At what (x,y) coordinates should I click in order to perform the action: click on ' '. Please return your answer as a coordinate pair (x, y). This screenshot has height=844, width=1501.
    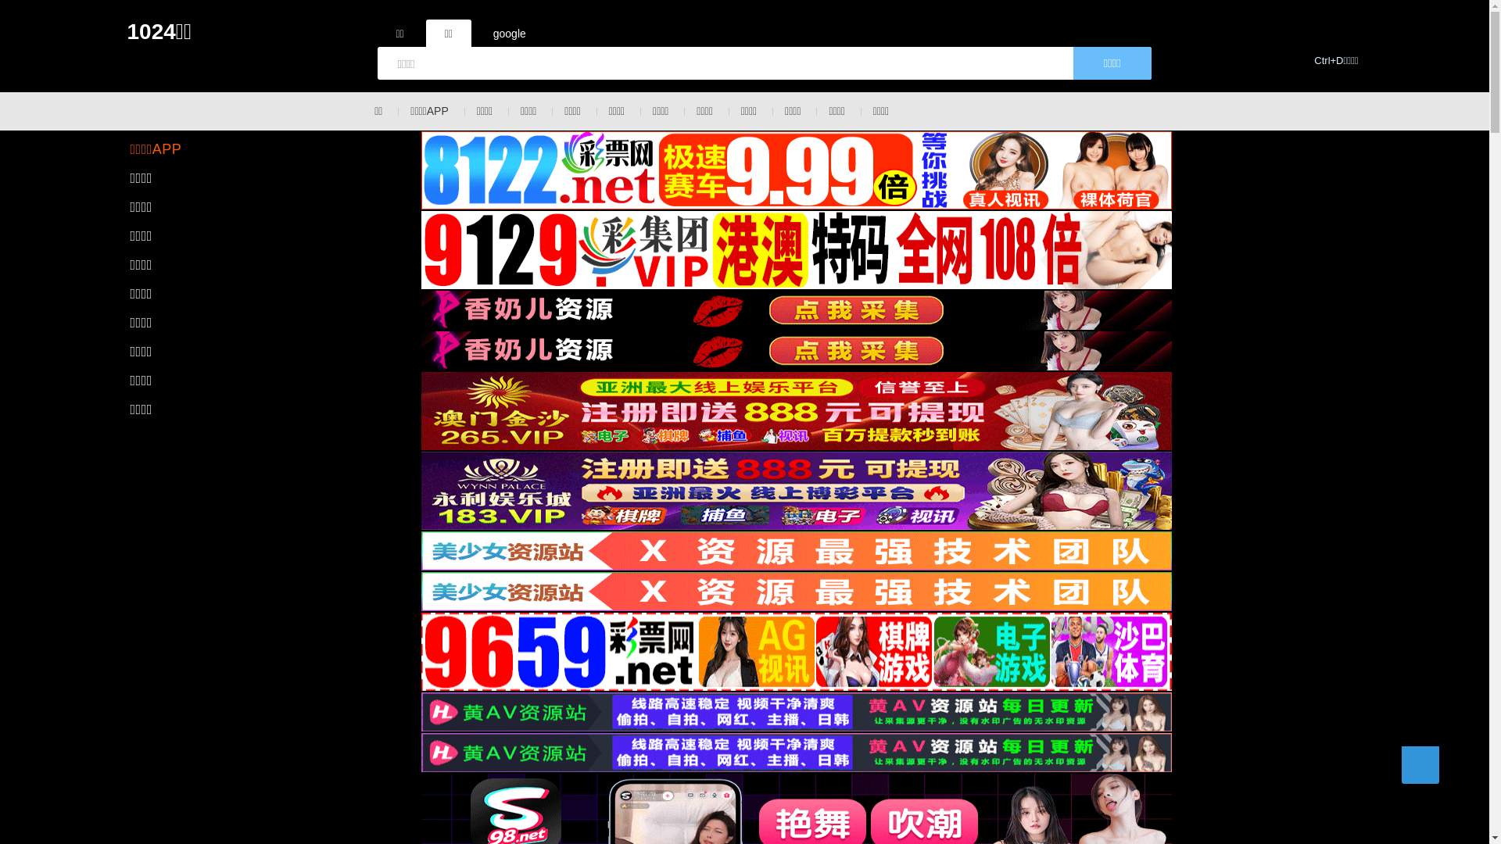
    Looking at the image, I should click on (1419, 764).